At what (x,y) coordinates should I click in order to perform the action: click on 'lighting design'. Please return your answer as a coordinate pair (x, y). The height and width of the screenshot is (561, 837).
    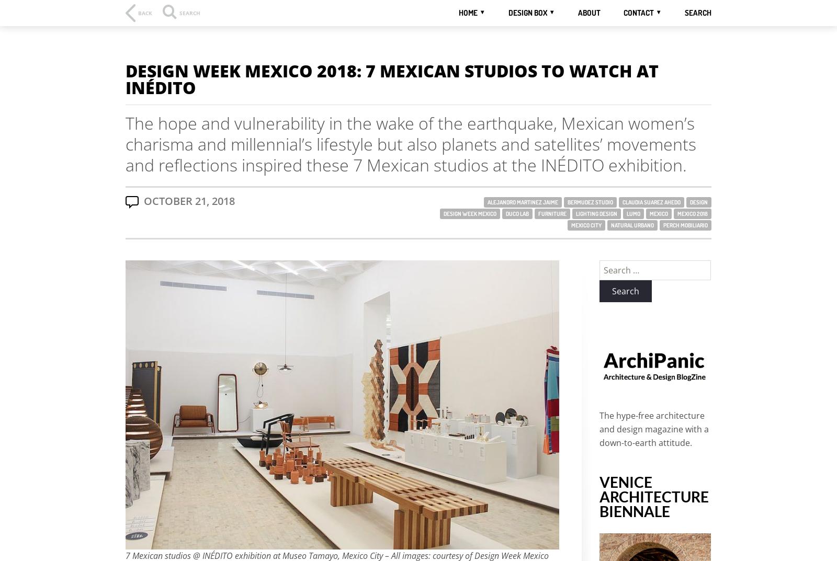
    Looking at the image, I should click on (596, 213).